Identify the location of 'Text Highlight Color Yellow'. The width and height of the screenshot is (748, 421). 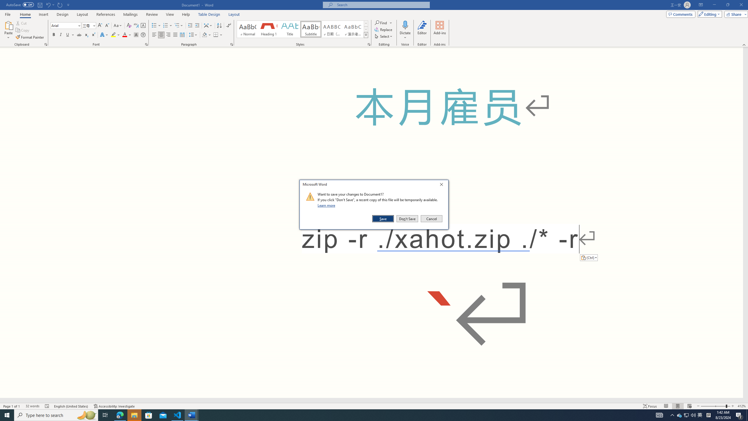
(113, 34).